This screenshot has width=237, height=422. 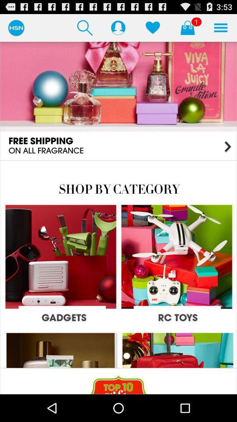 I want to click on user profile, so click(x=118, y=27).